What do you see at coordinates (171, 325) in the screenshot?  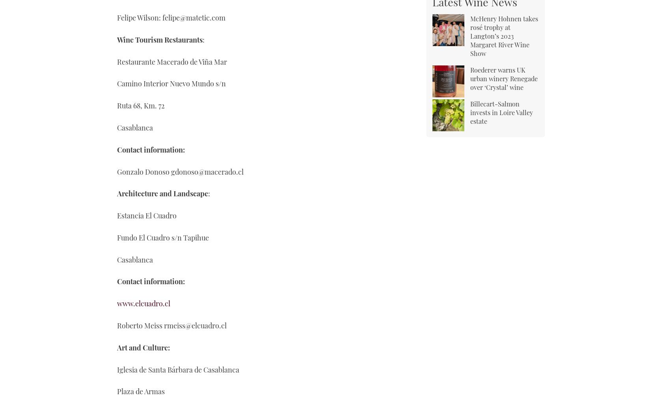 I see `'Roberto Meiss rmeiss@elcuadro.cl'` at bounding box center [171, 325].